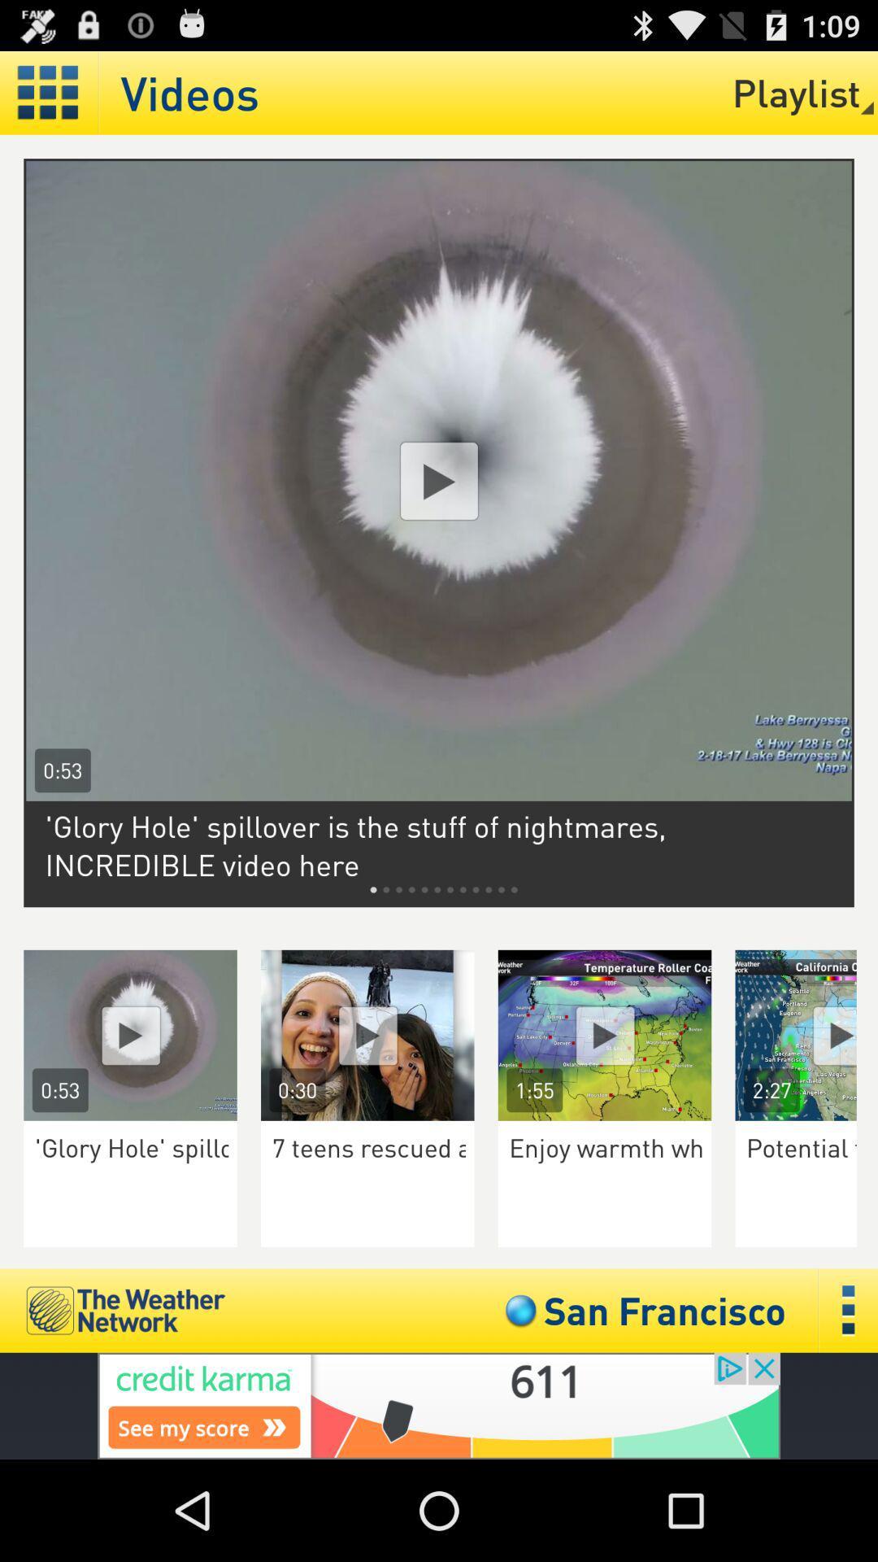  Describe the element at coordinates (848, 1402) in the screenshot. I see `the more icon` at that location.